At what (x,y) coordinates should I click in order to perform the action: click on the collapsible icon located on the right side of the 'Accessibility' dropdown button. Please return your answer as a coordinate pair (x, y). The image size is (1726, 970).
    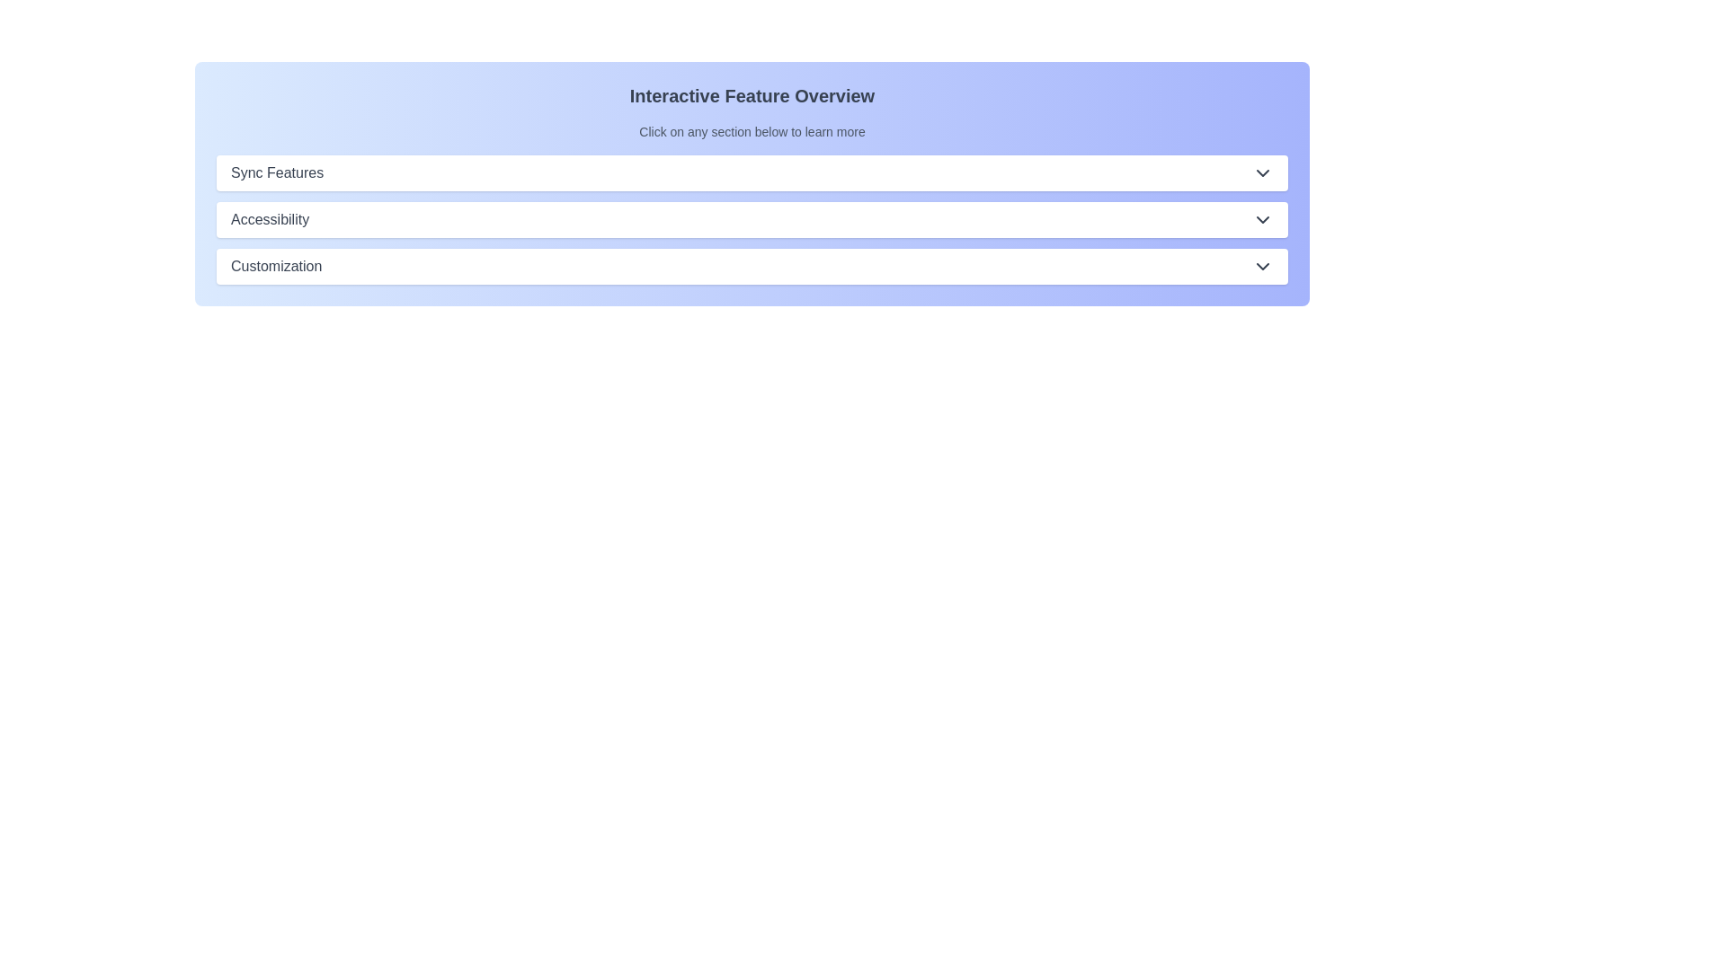
    Looking at the image, I should click on (1262, 219).